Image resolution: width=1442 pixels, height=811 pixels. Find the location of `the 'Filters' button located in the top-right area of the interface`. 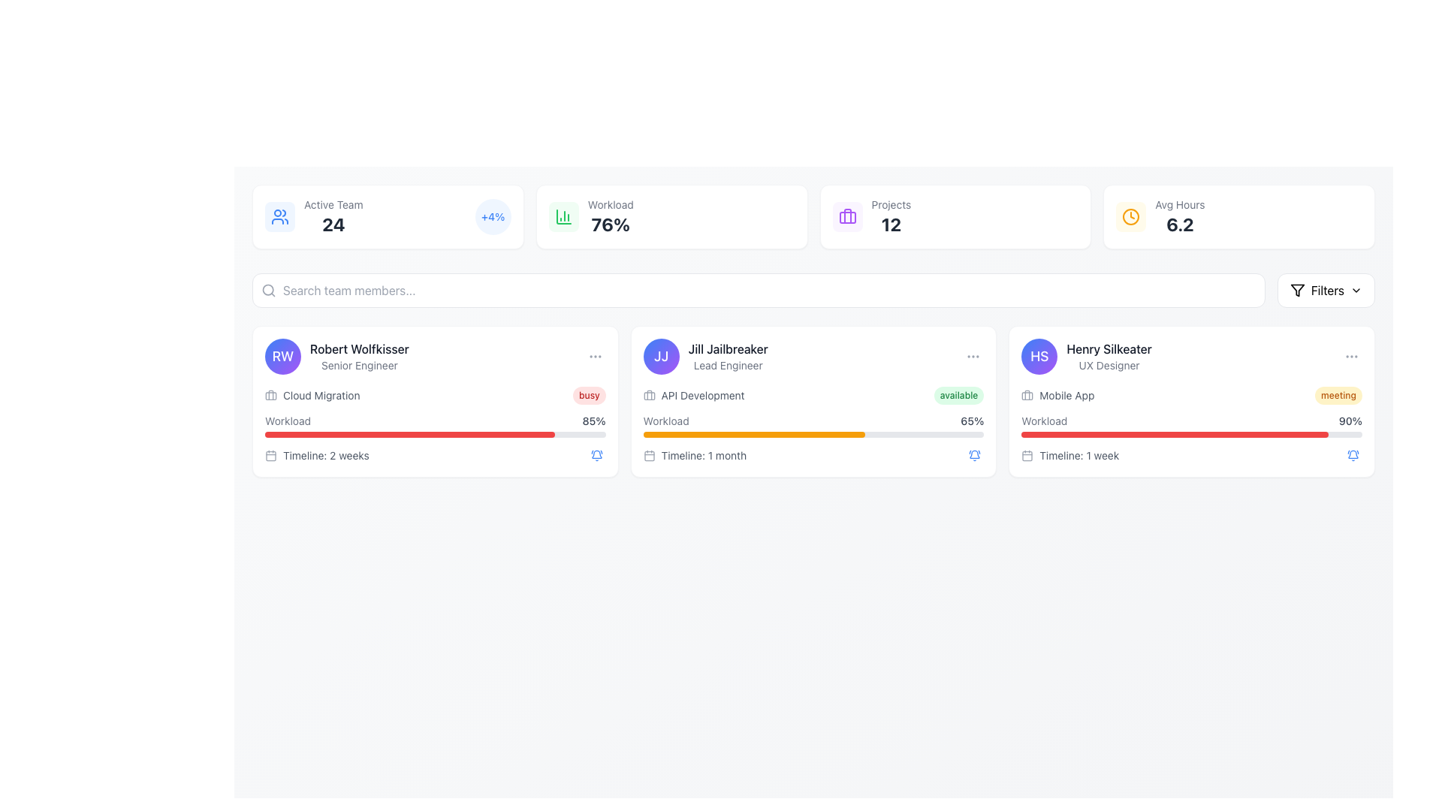

the 'Filters' button located in the top-right area of the interface is located at coordinates (1326, 290).